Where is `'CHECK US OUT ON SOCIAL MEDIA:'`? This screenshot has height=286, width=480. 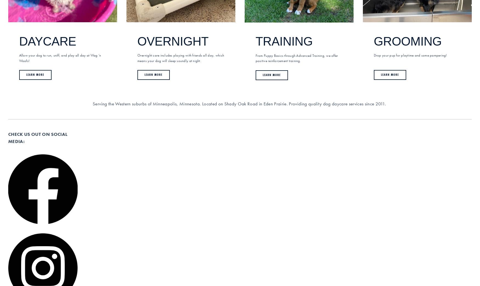 'CHECK US OUT ON SOCIAL MEDIA:' is located at coordinates (38, 138).